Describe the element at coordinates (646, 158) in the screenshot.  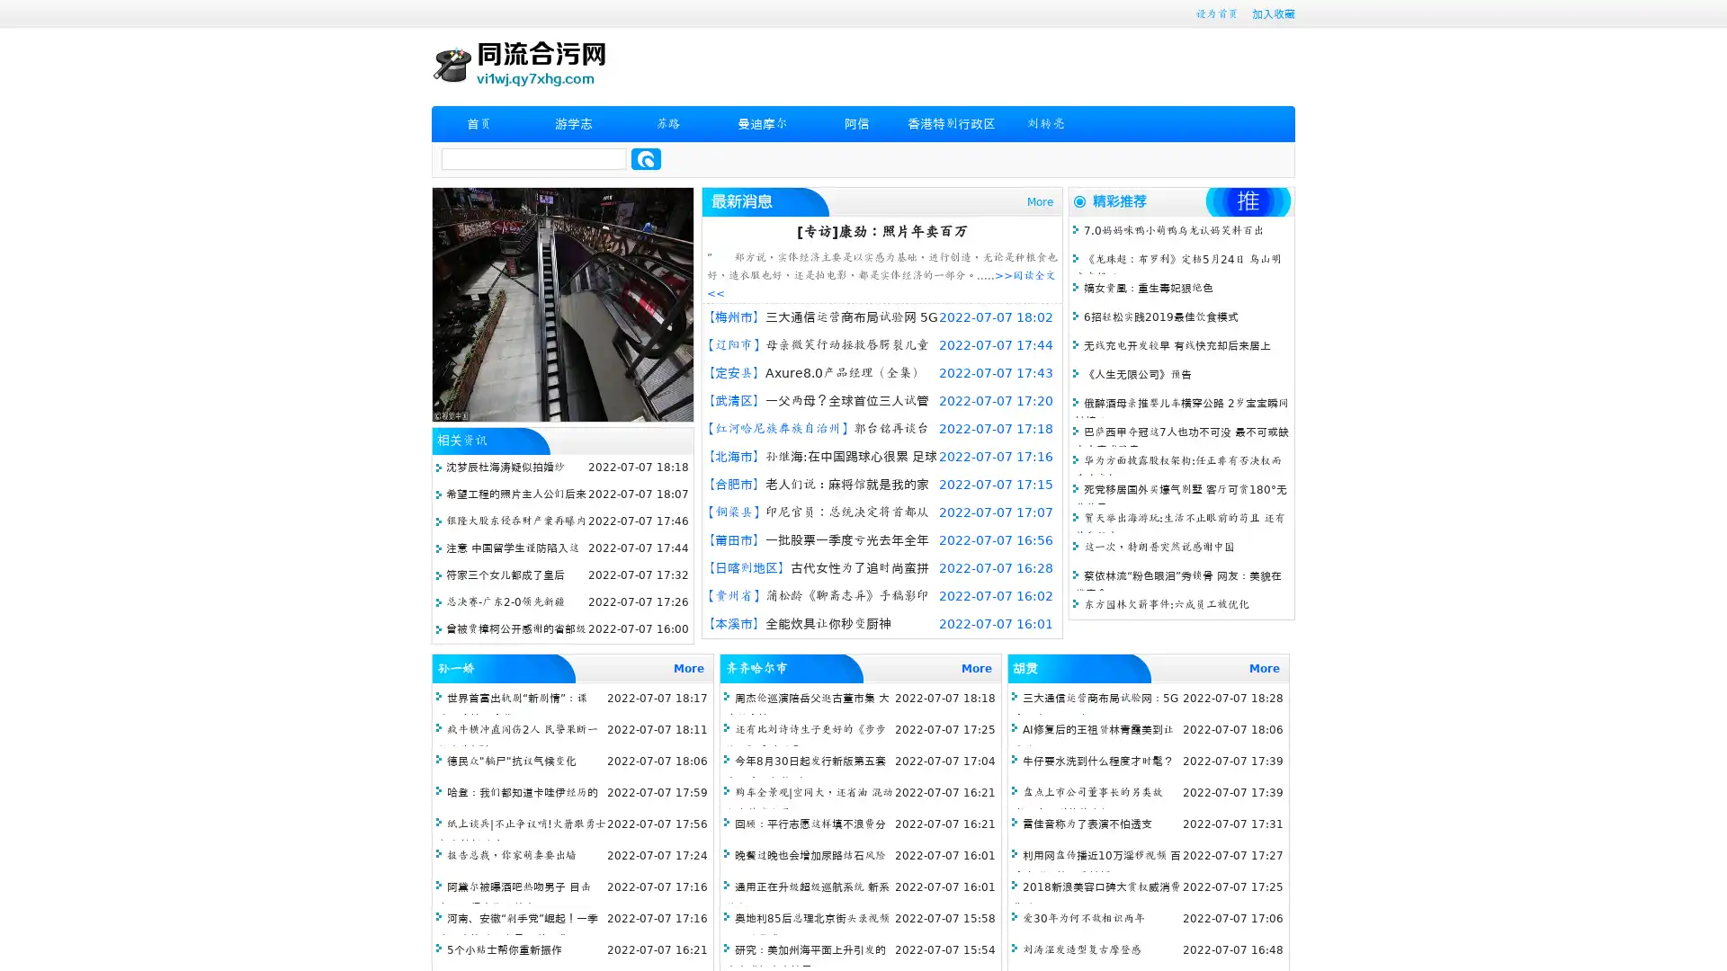
I see `Search` at that location.